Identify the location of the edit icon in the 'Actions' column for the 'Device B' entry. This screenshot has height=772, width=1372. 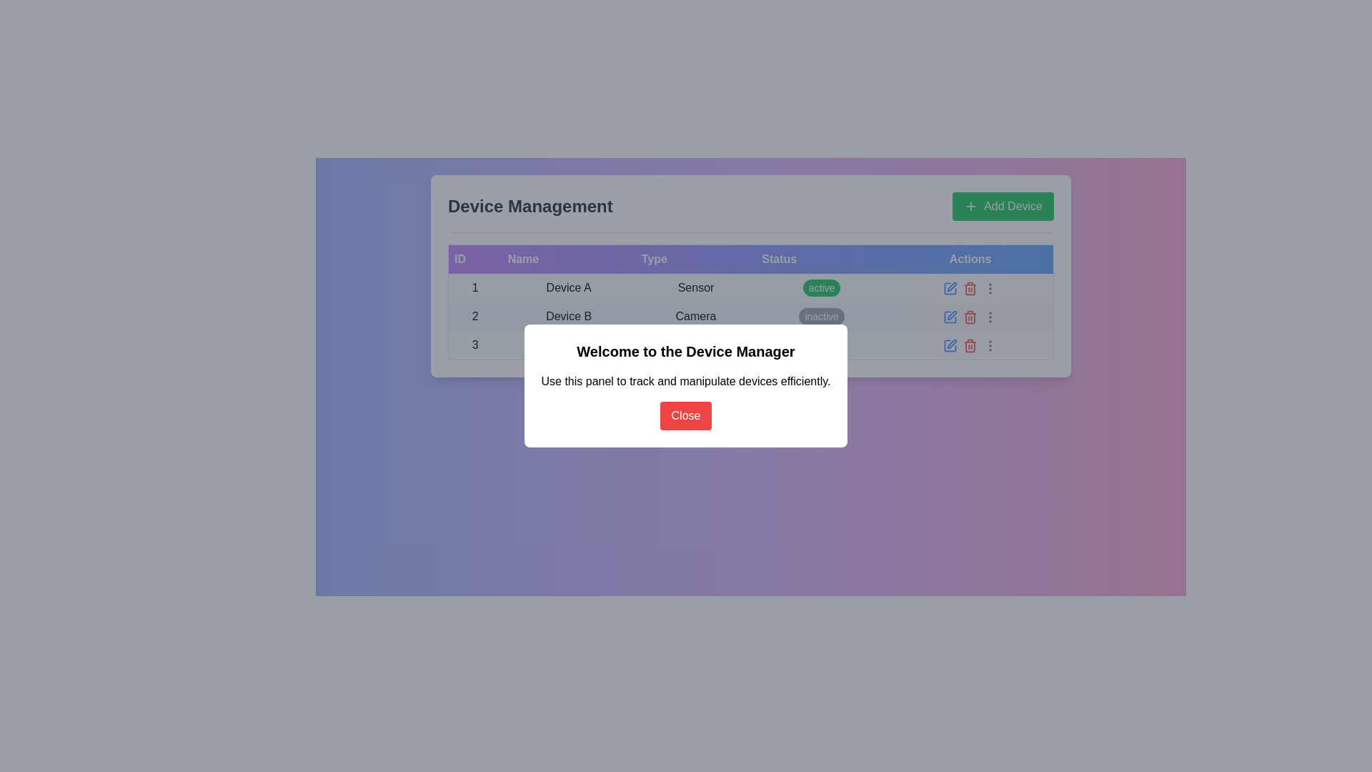
(951, 344).